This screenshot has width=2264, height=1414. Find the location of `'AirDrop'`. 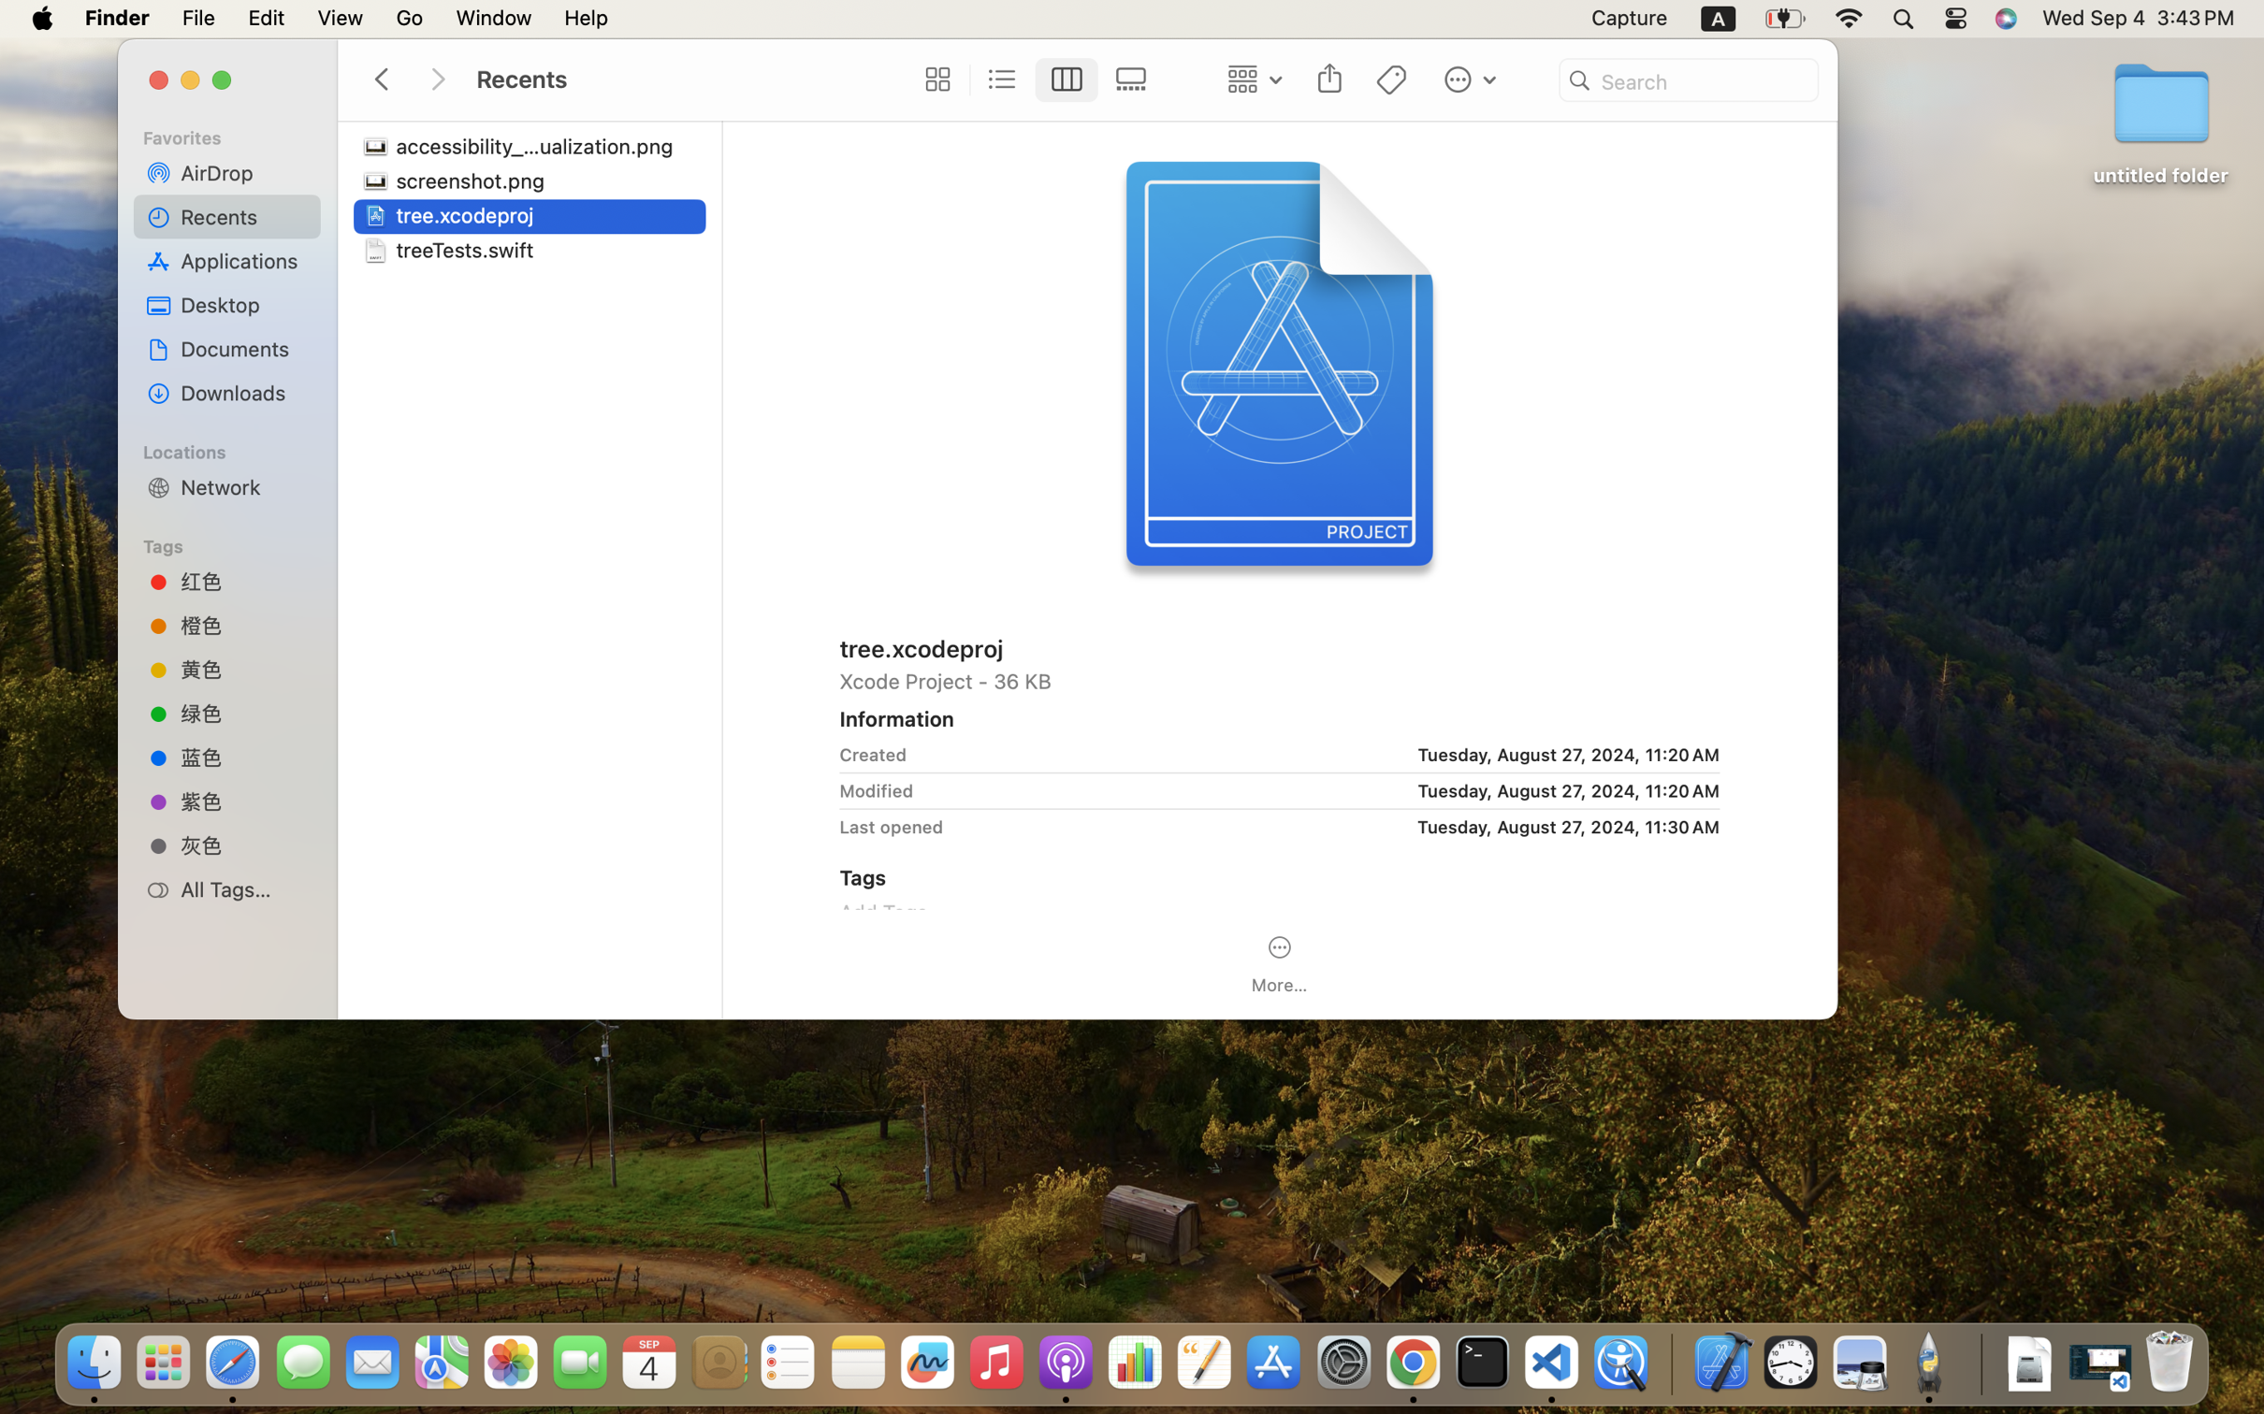

'AirDrop' is located at coordinates (243, 171).